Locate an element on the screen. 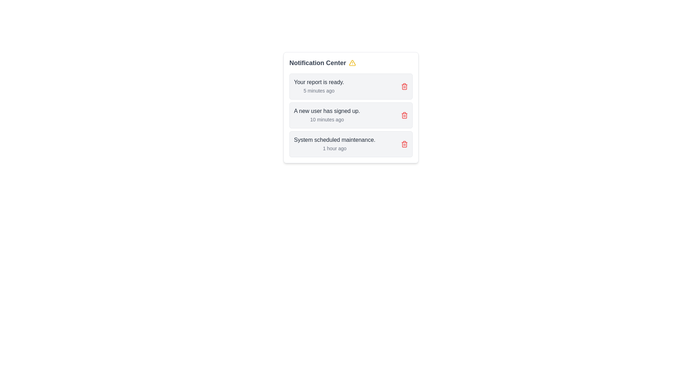 The image size is (676, 380). the text element displaying '5 minutes ago', which is located directly under 'Your report is ready.' in the first notification entry of the Notification Center is located at coordinates (319, 90).